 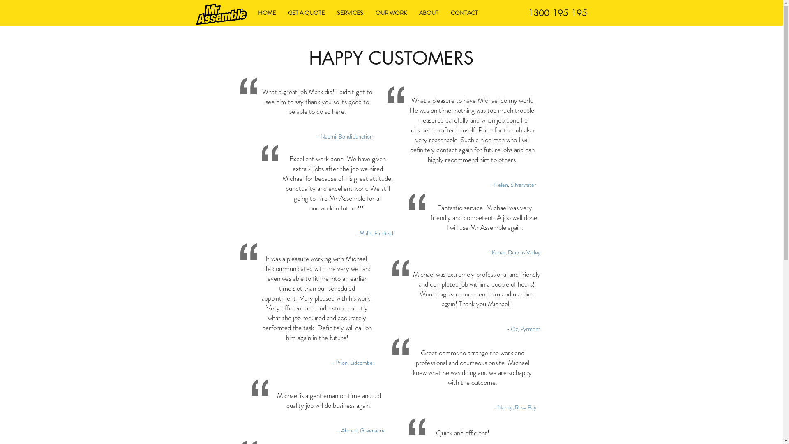 What do you see at coordinates (412, 13) in the screenshot?
I see `'ABOUT'` at bounding box center [412, 13].